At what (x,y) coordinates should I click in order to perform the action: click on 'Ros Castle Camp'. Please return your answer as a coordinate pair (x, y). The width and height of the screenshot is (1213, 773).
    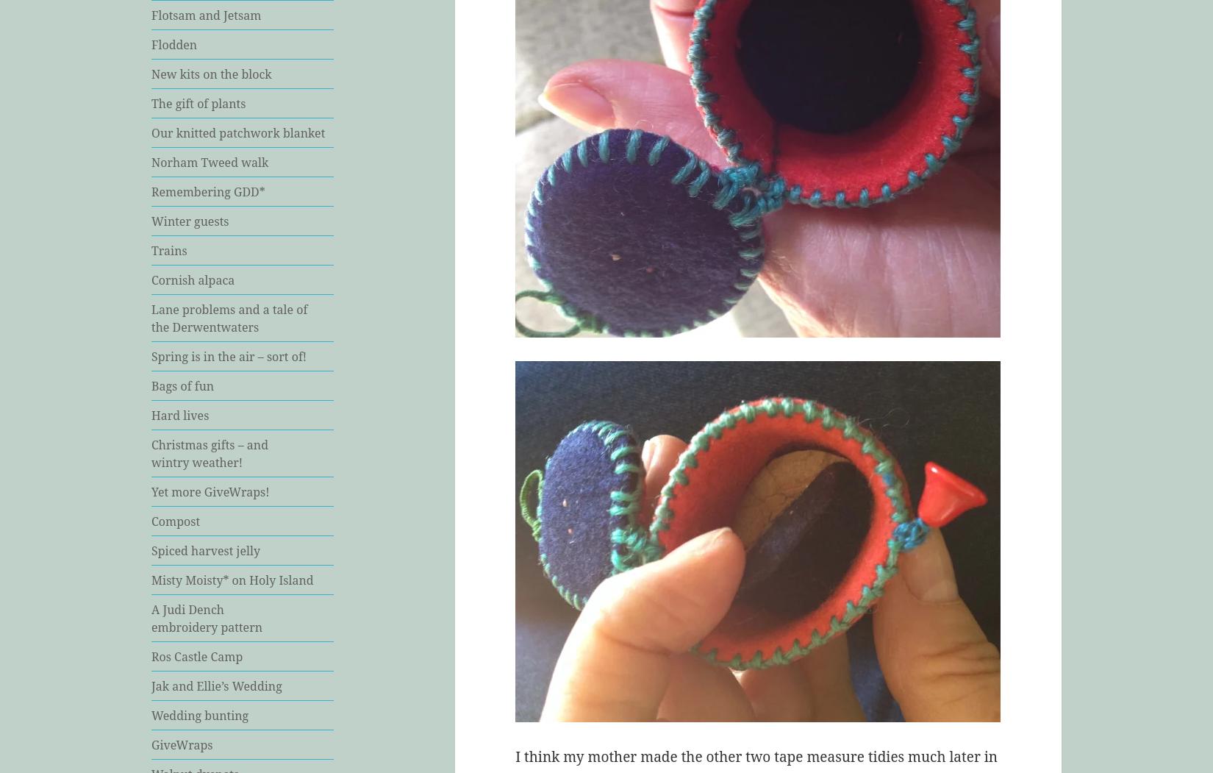
    Looking at the image, I should click on (196, 655).